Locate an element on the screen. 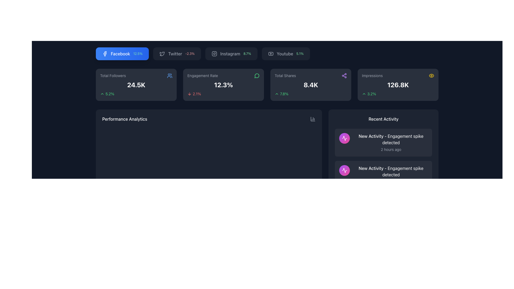 The height and width of the screenshot is (289, 514). the Instagram icon, which visually represents the Instagram platform and is located to the left of the text 'Instagram 8.7%' in the social media options row is located at coordinates (214, 54).